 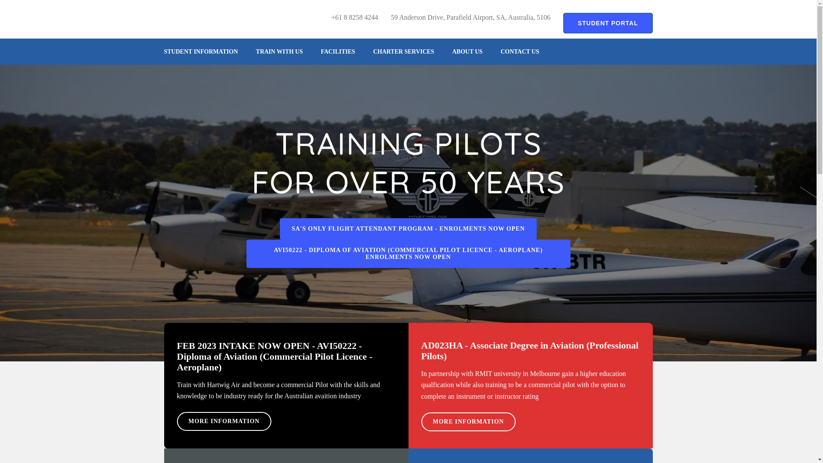 What do you see at coordinates (337, 51) in the screenshot?
I see `'FACILITIES'` at bounding box center [337, 51].